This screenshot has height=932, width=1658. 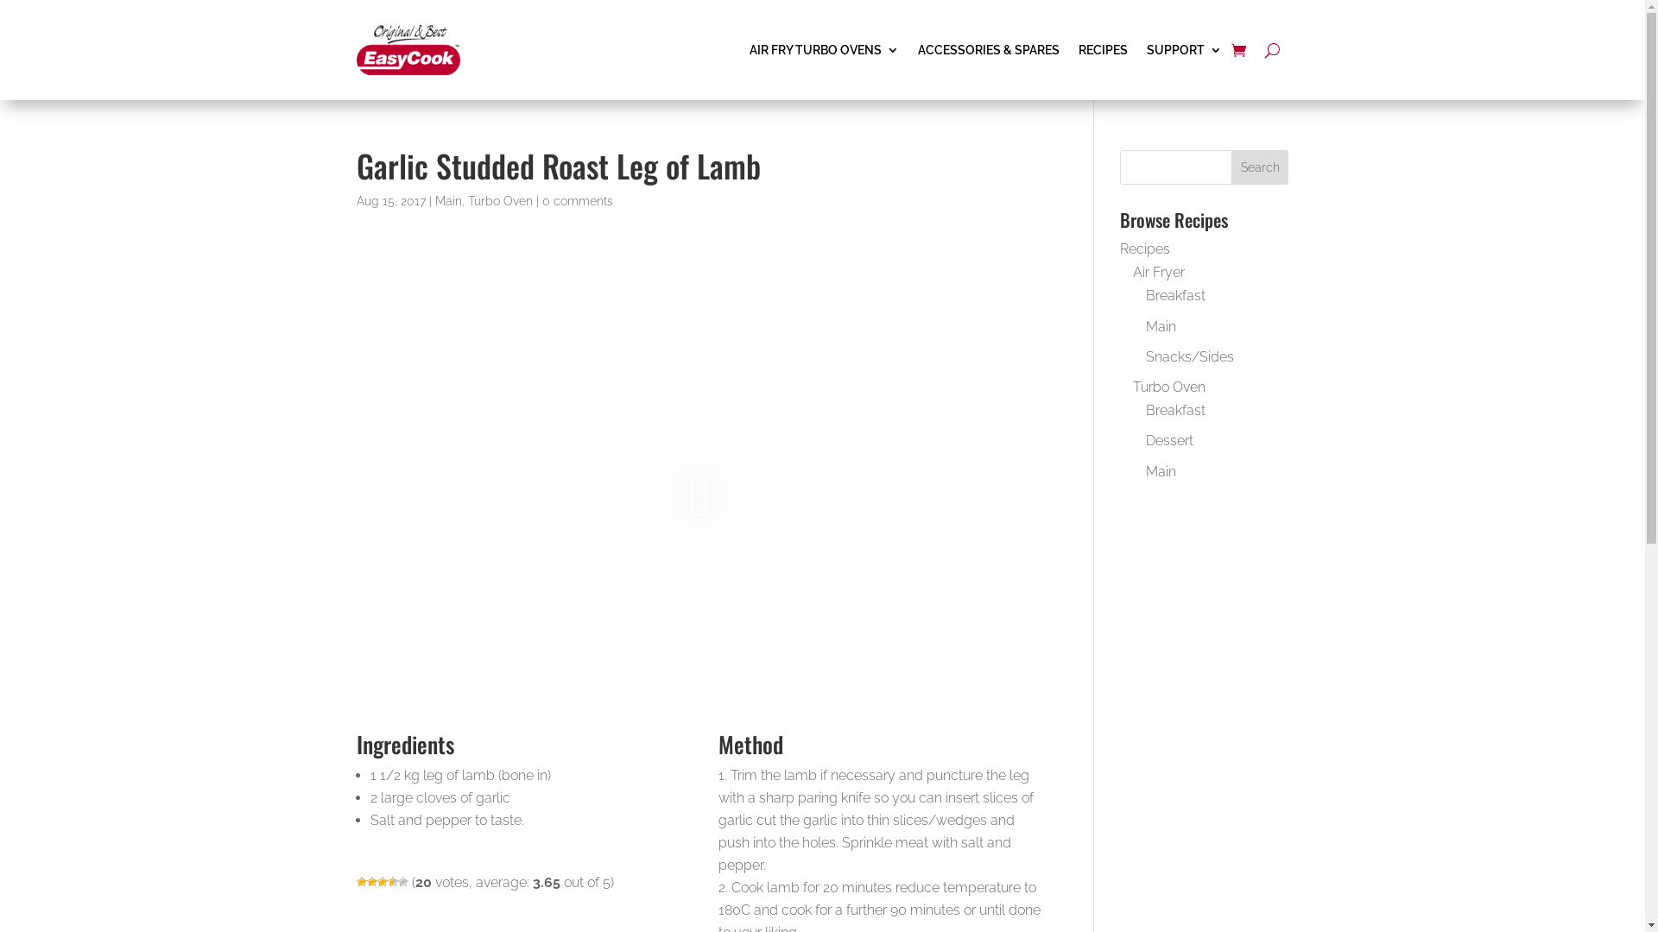 I want to click on 'Snacks/Sides', so click(x=1188, y=356).